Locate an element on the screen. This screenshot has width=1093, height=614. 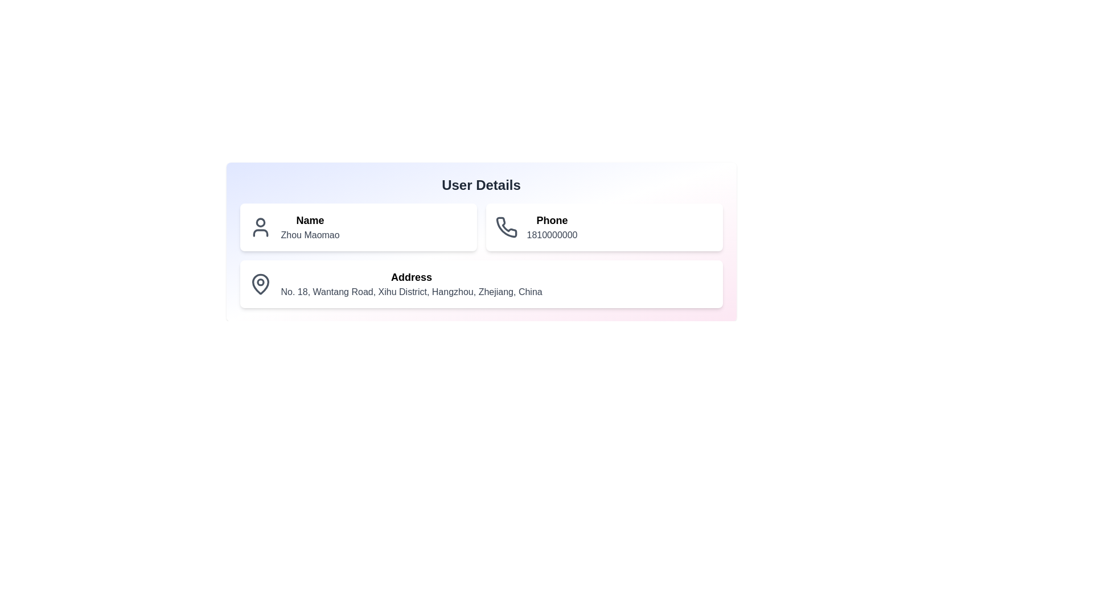
the location pin icon that symbolizes an address in the 'Address' section, which is located to the left of the text 'No. 18, Wantang Road, Xihu District, Hangzhou, Zhejiang, China' is located at coordinates (260, 284).